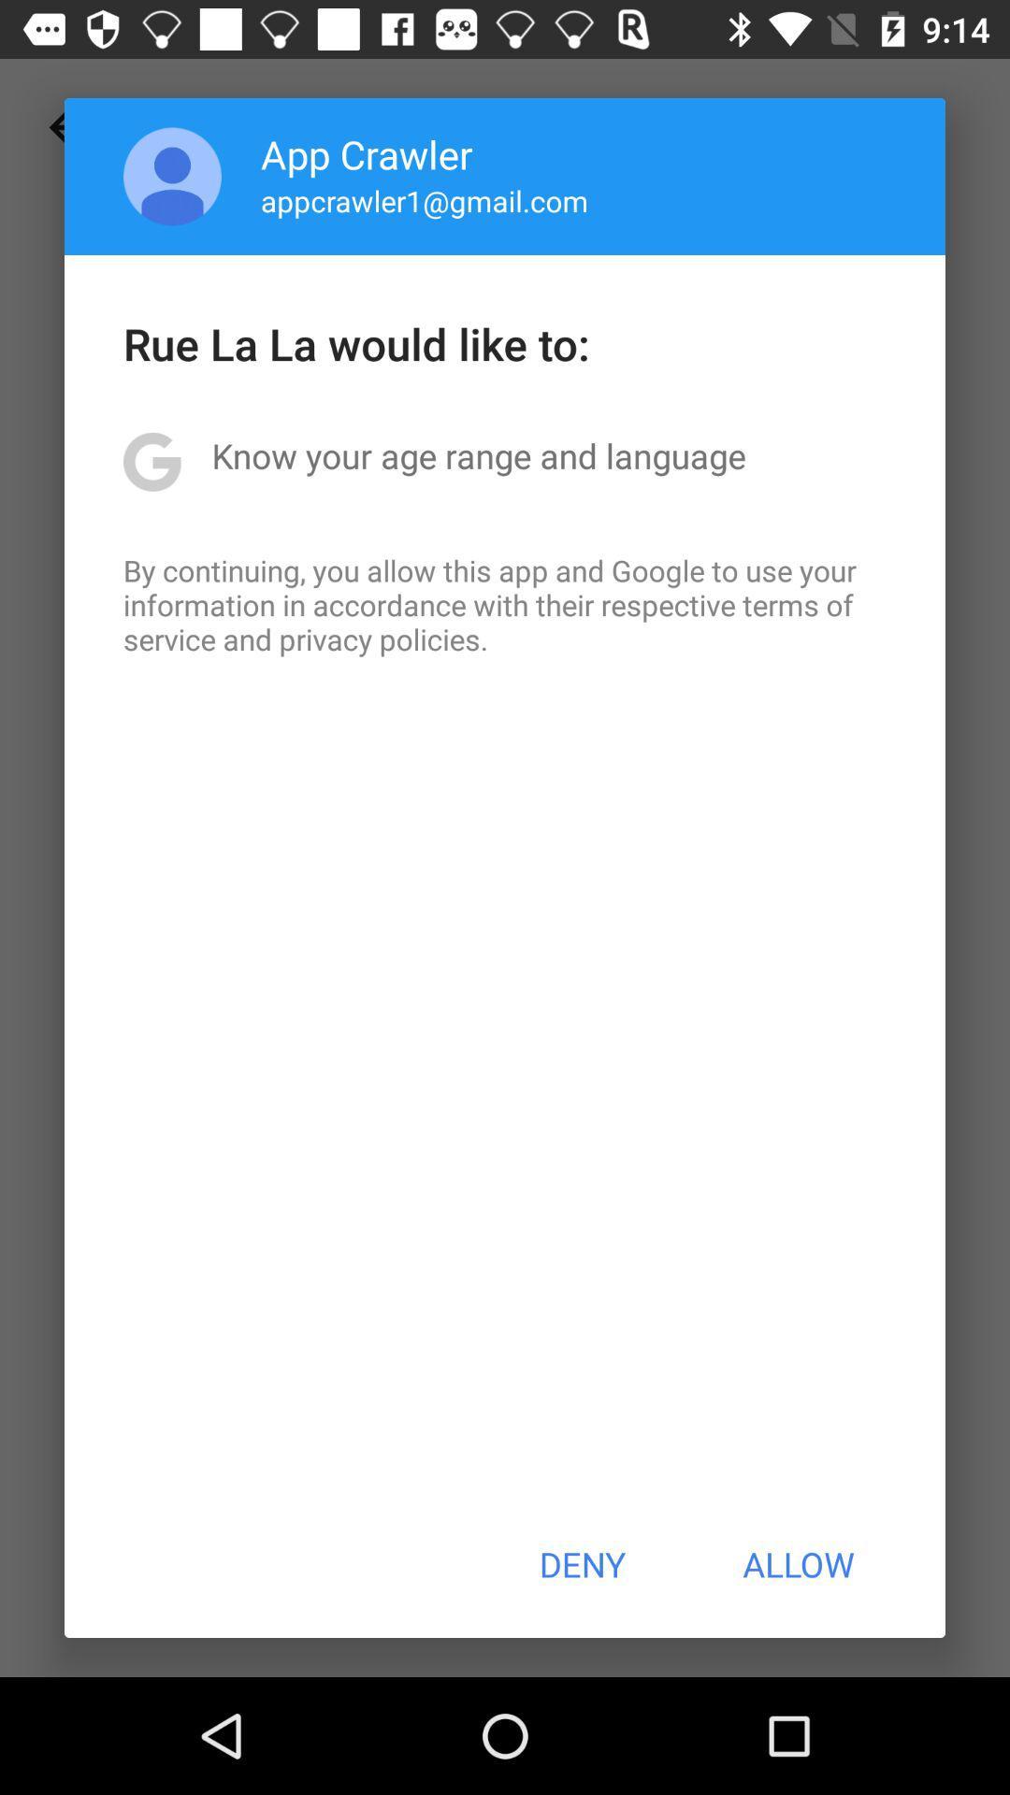 The width and height of the screenshot is (1010, 1795). What do you see at coordinates (581, 1564) in the screenshot?
I see `the icon at the bottom` at bounding box center [581, 1564].